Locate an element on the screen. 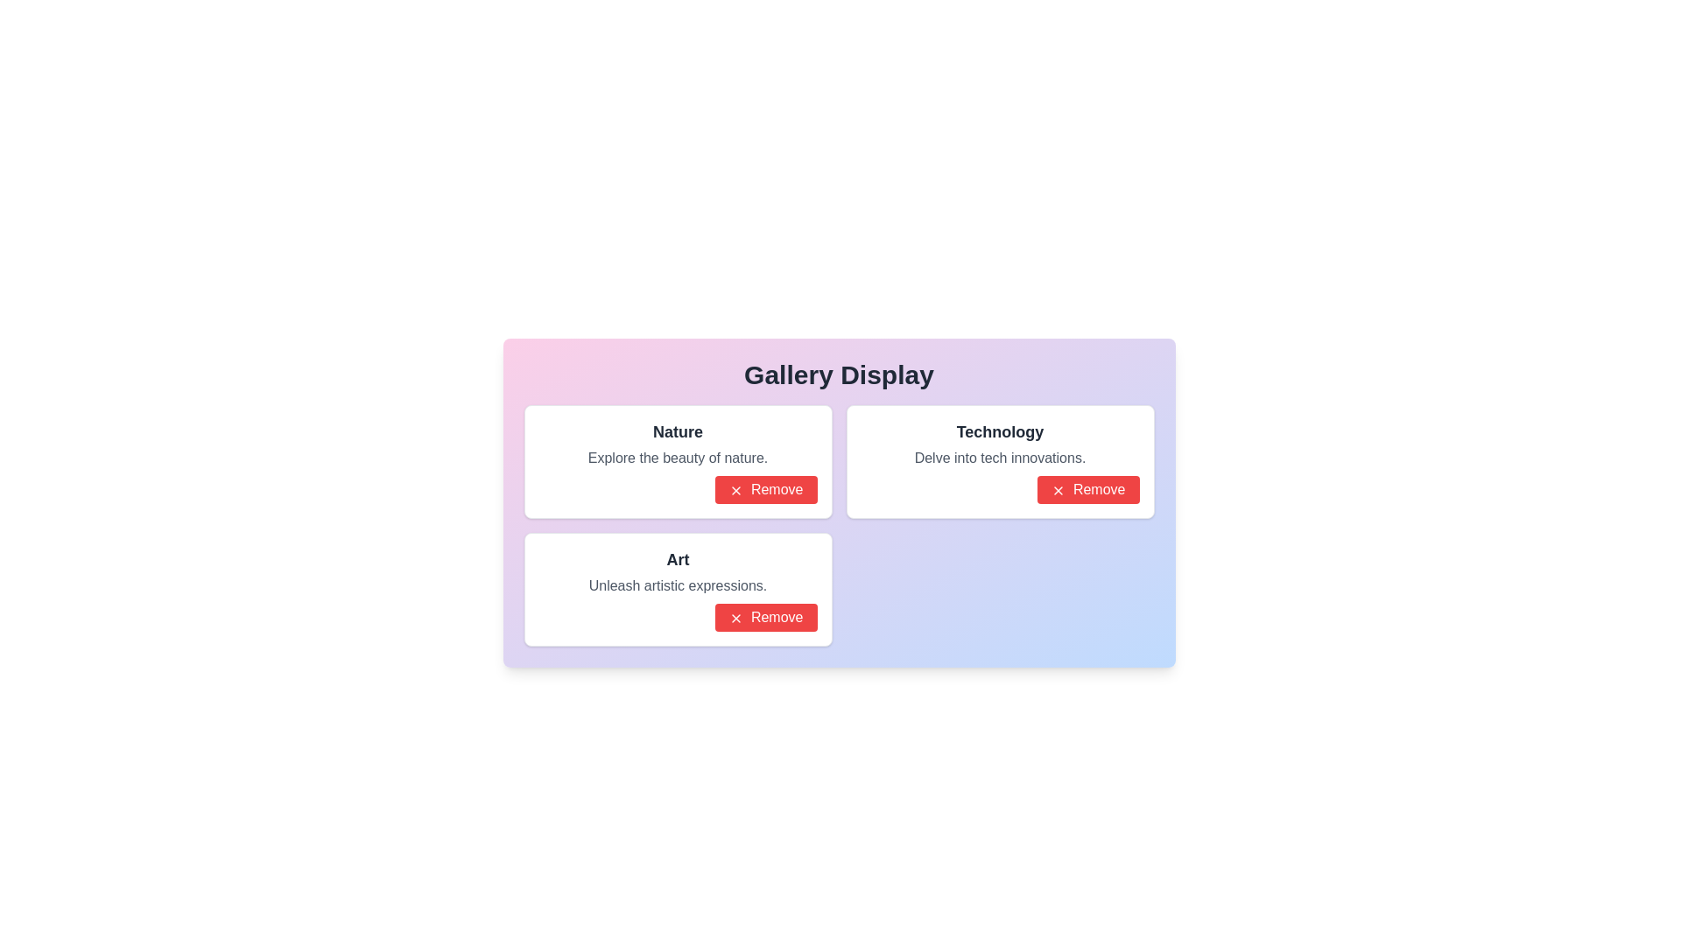  'Remove' button for the Nature gallery item is located at coordinates (766, 489).